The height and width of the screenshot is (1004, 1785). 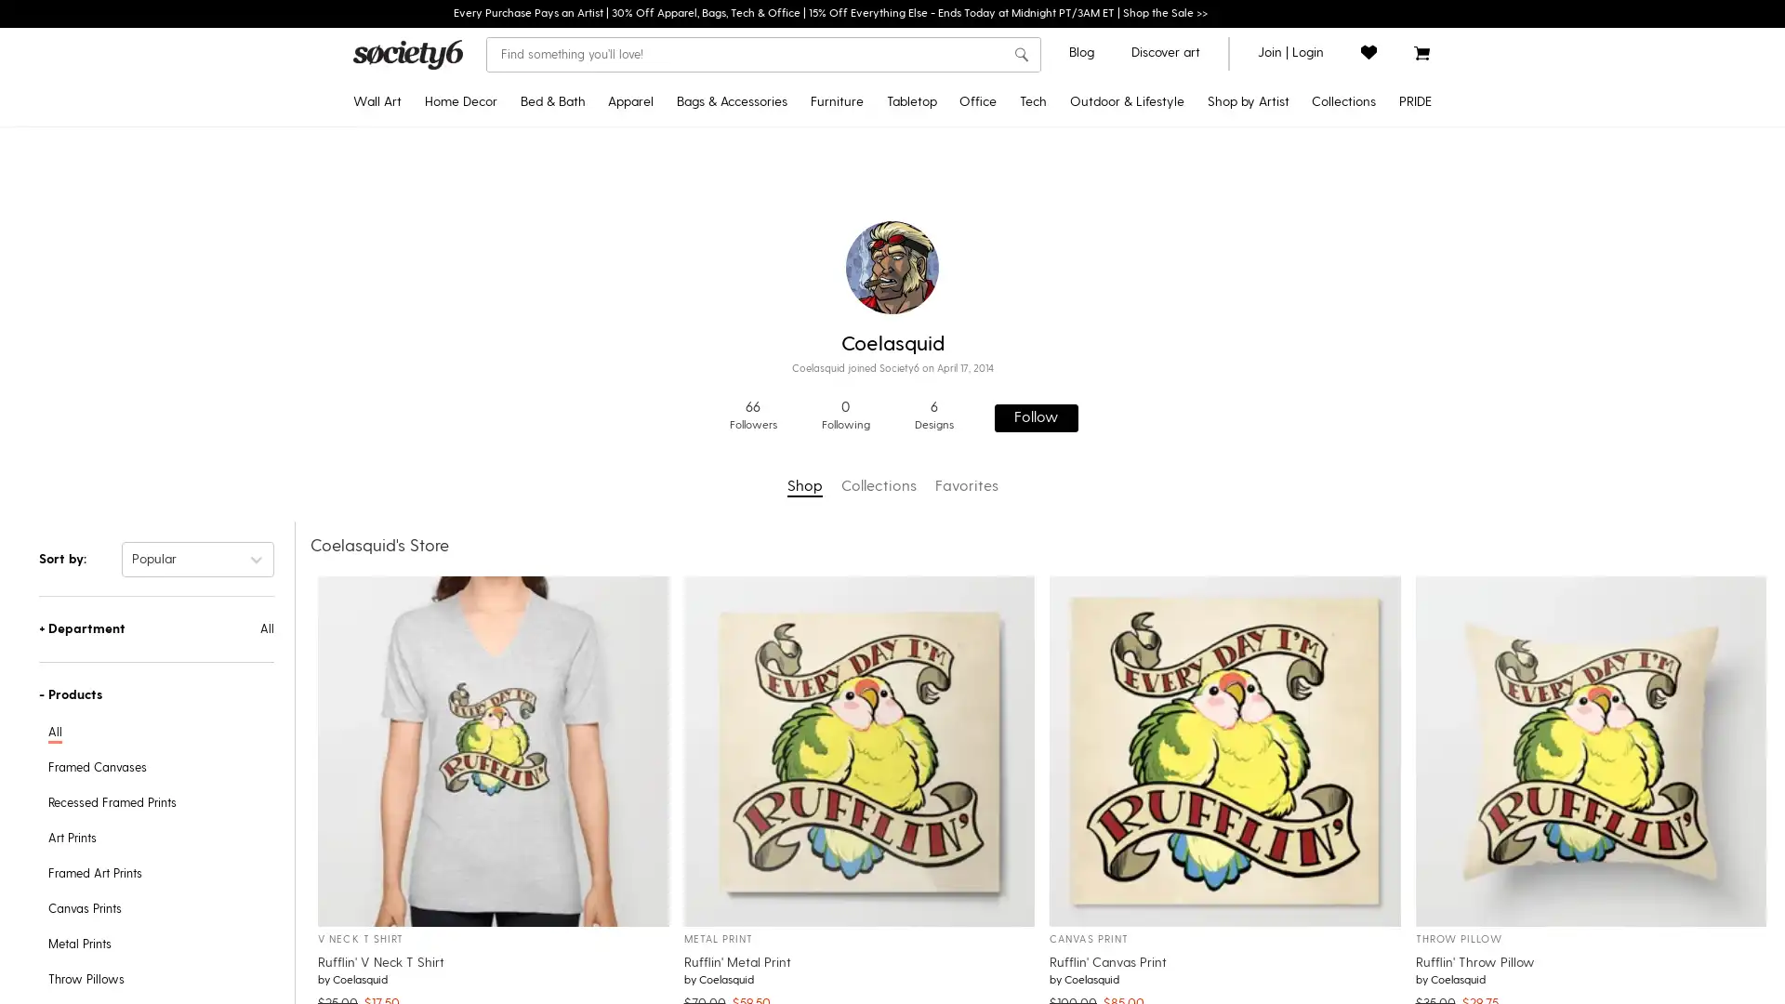 I want to click on Android Cases, so click(x=1099, y=178).